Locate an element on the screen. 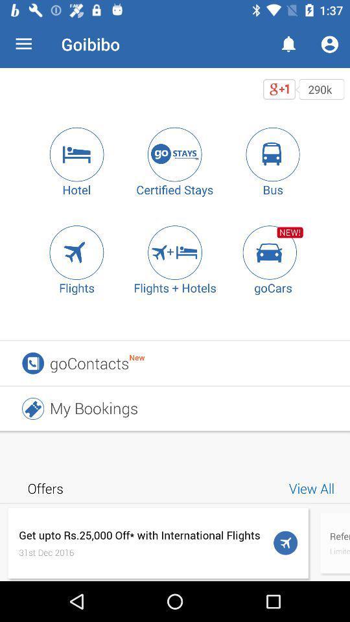  open certified stays window is located at coordinates (175, 154).